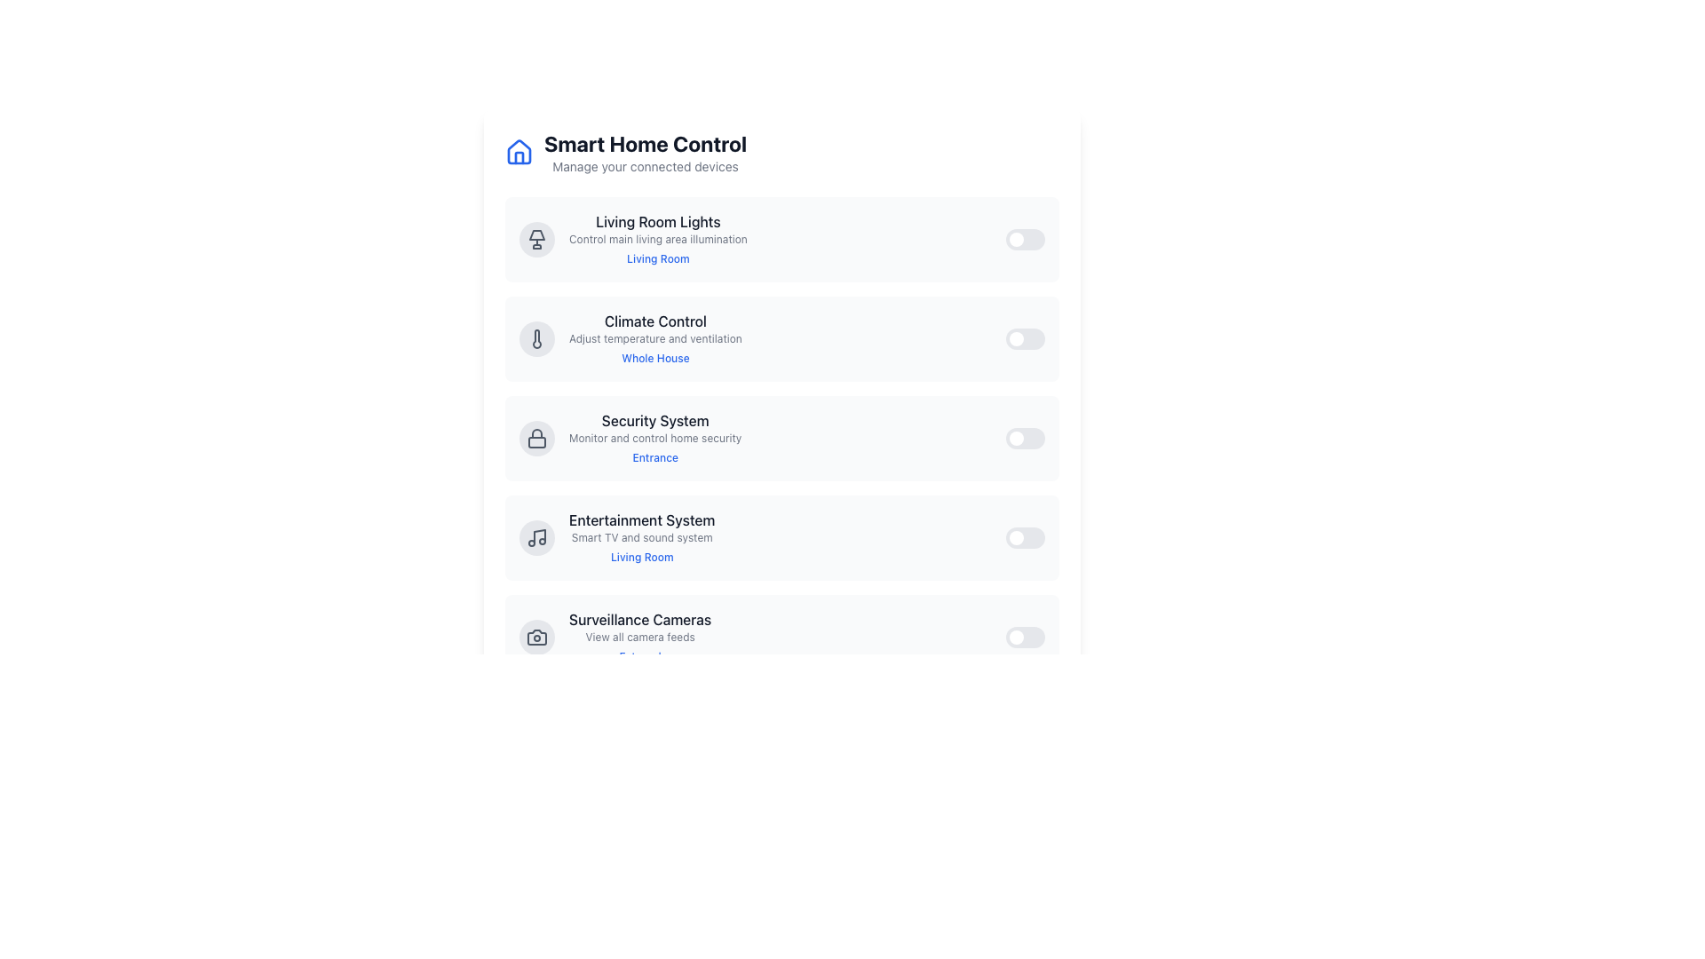  I want to click on the static text label reading 'Control main living area illumination', which is styled as a subtitle and positioned below the title 'Living Room Lights', so click(657, 240).